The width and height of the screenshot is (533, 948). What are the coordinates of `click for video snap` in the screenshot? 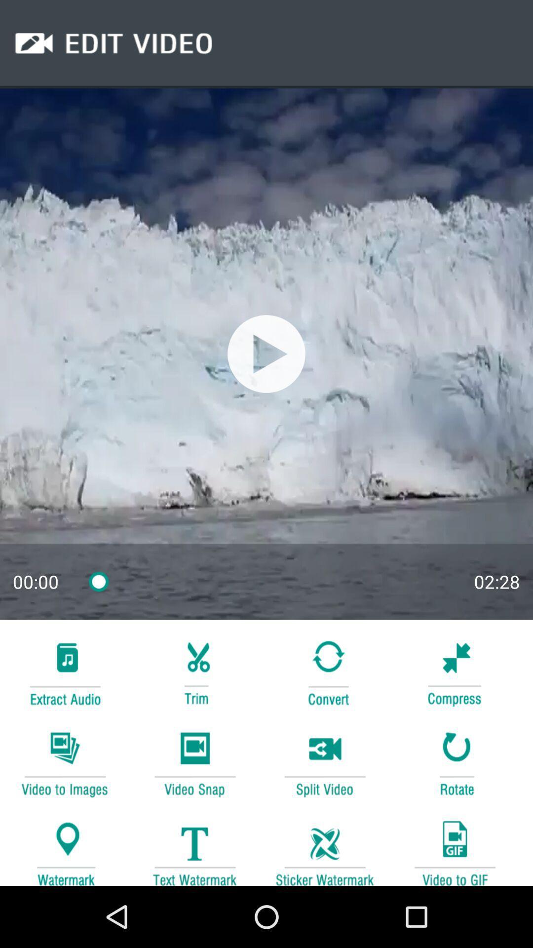 It's located at (194, 762).